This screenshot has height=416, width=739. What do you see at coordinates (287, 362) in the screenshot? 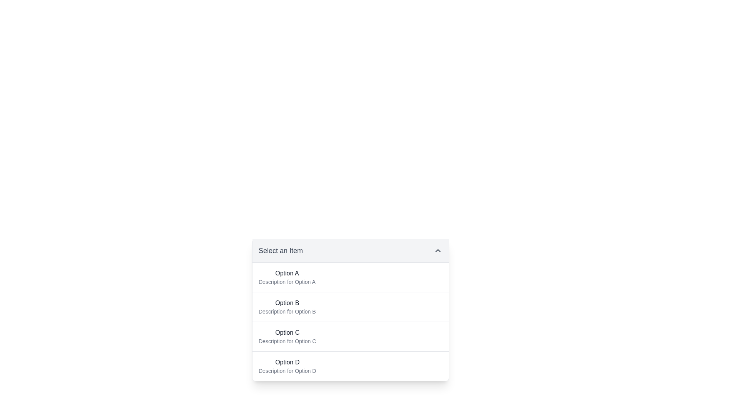
I see `the label for 'Option D' within the dropdown menu, which is located below 'Option C' and its description` at bounding box center [287, 362].